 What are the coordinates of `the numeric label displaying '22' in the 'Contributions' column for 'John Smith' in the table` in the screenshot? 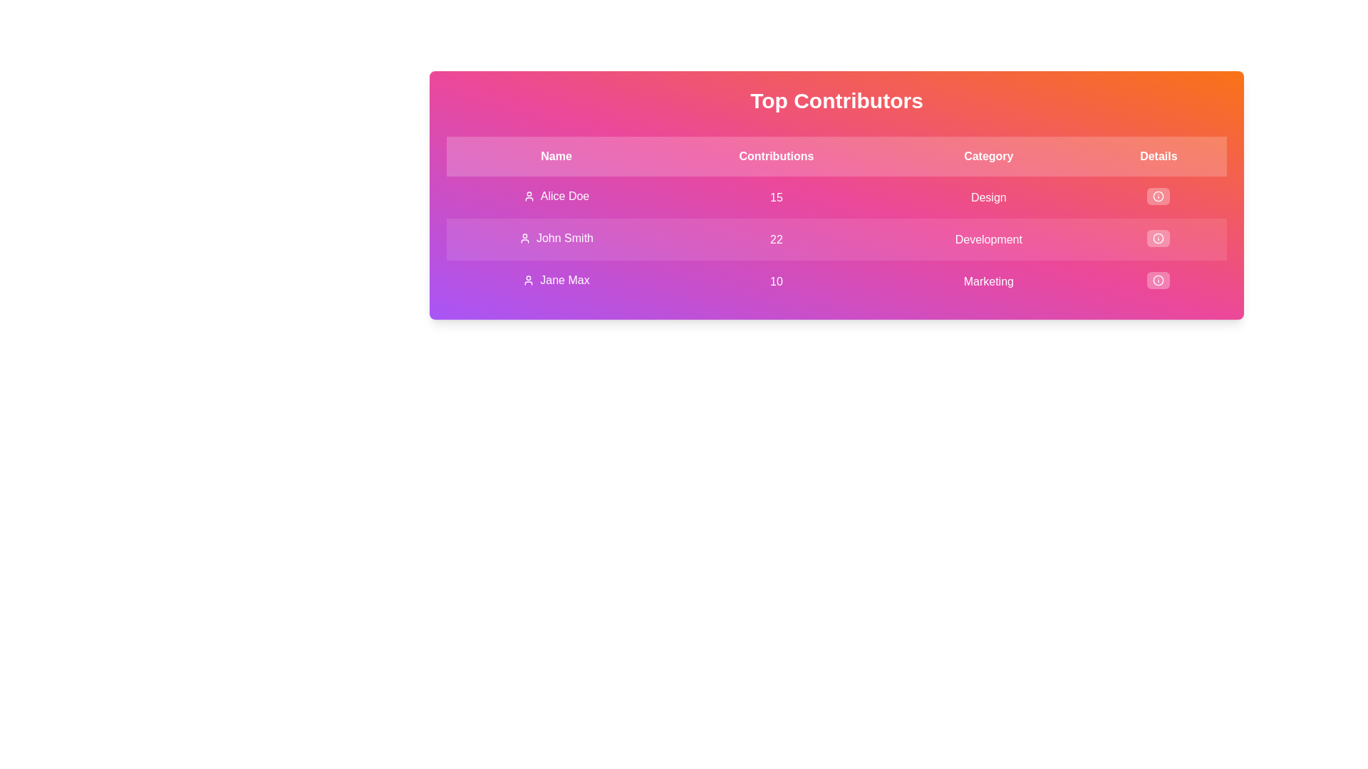 It's located at (775, 239).